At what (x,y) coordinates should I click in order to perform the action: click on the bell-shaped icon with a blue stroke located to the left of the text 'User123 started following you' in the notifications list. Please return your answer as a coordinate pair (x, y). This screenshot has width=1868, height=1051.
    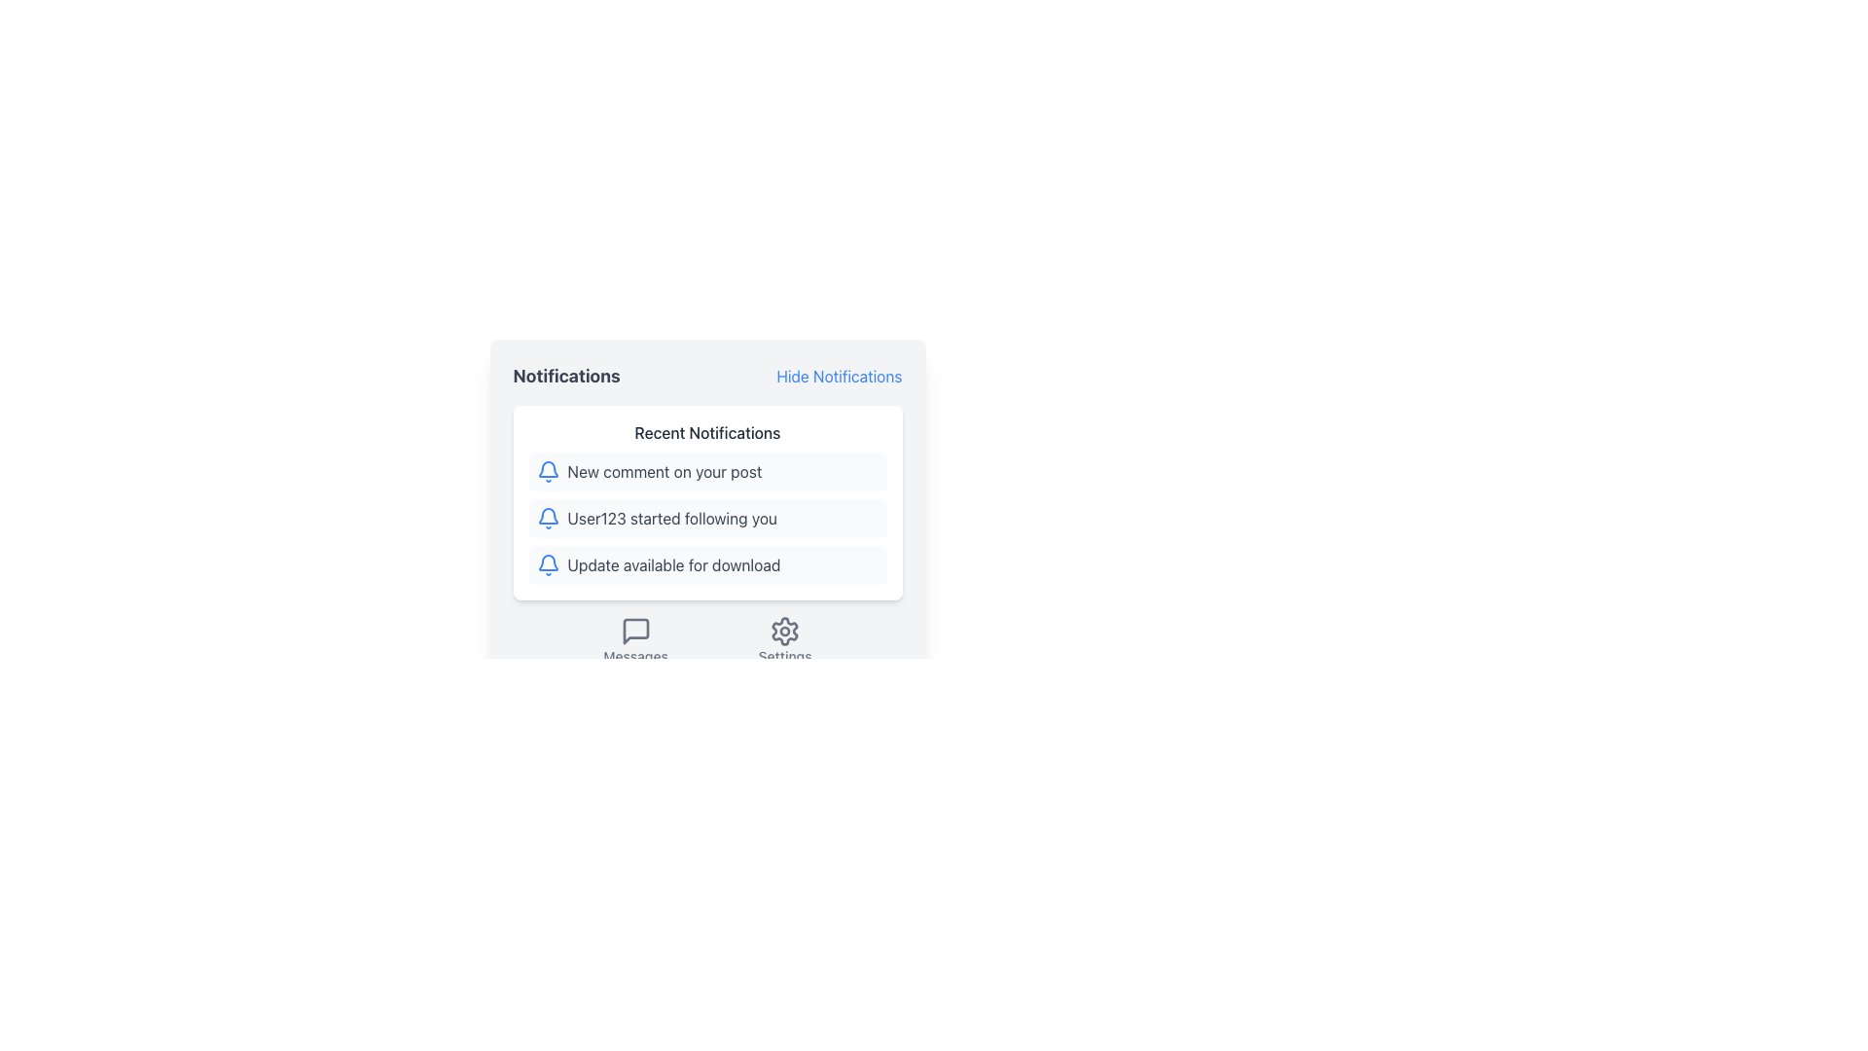
    Looking at the image, I should click on (547, 517).